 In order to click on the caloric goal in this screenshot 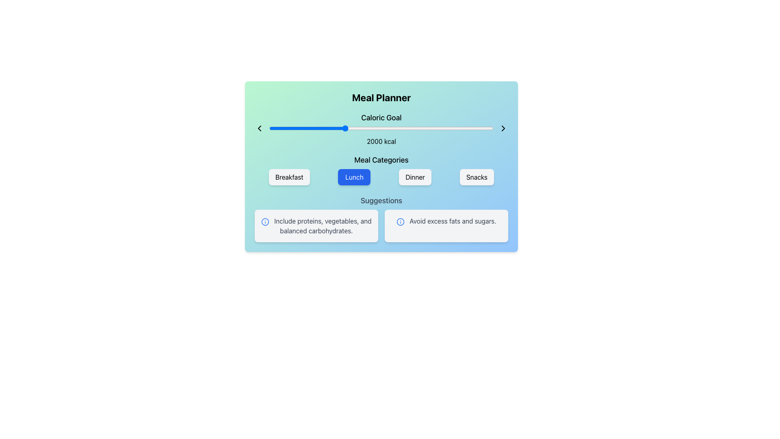, I will do `click(418, 128)`.